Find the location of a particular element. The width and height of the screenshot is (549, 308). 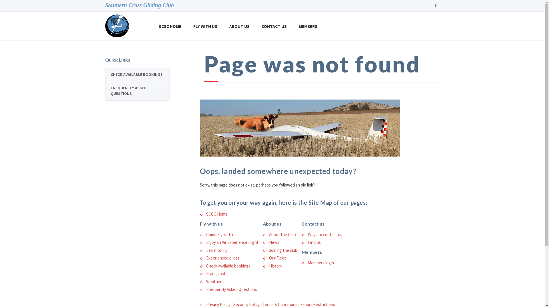

'Frequently Asked Questions' is located at coordinates (231, 289).